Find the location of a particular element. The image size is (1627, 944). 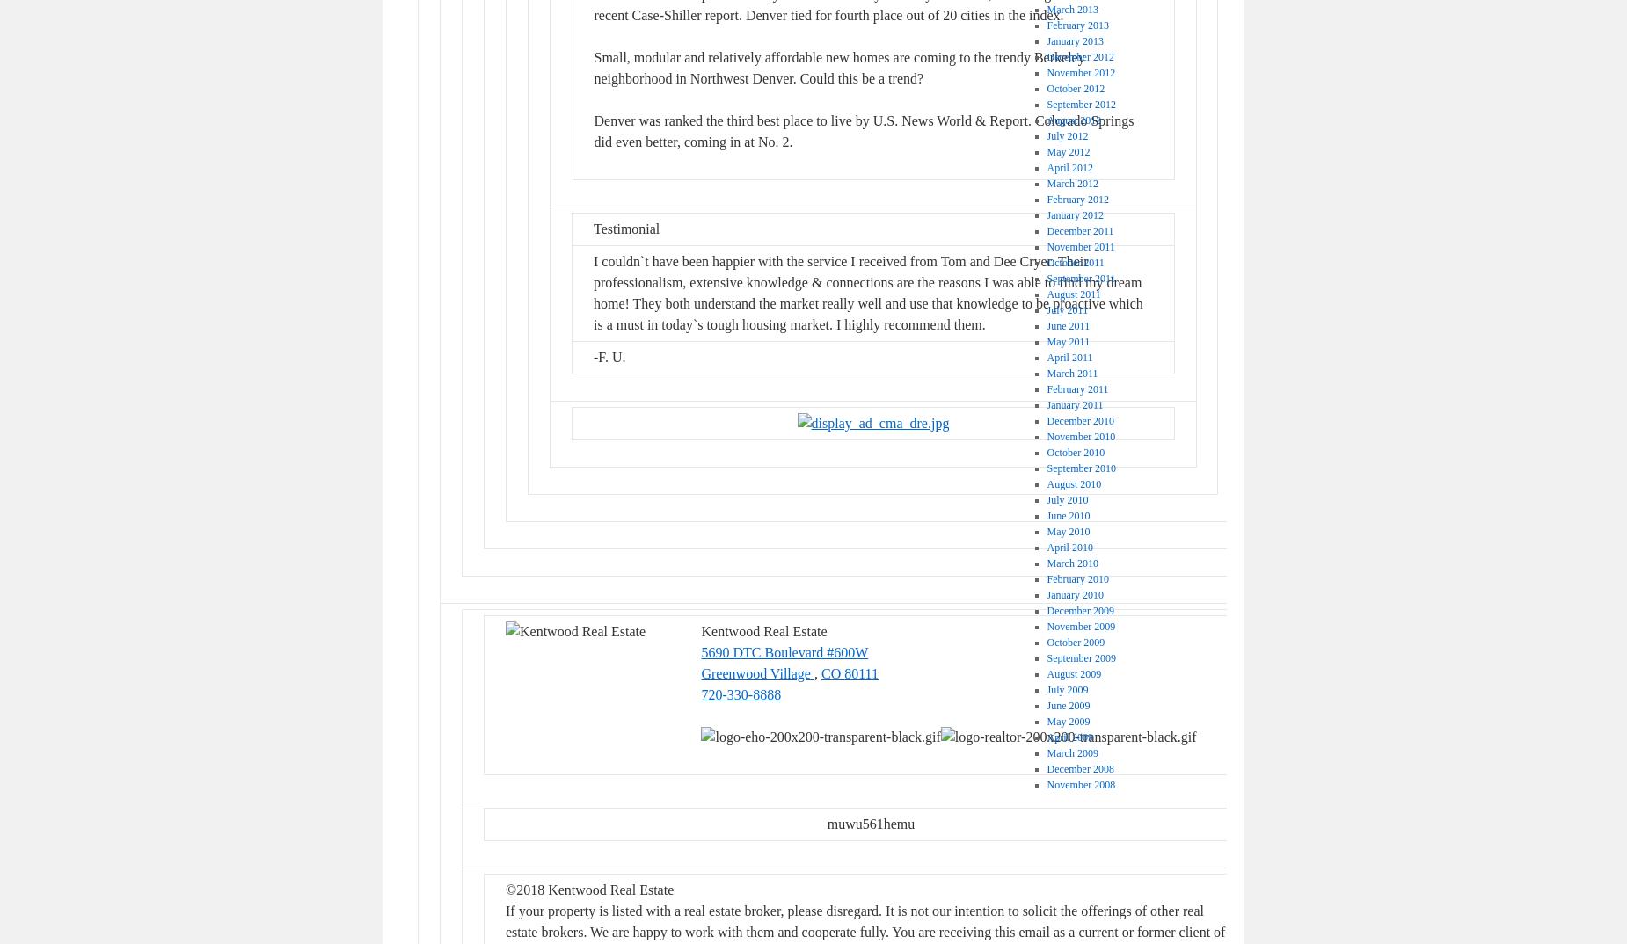

'May 2010' is located at coordinates (1067, 531).